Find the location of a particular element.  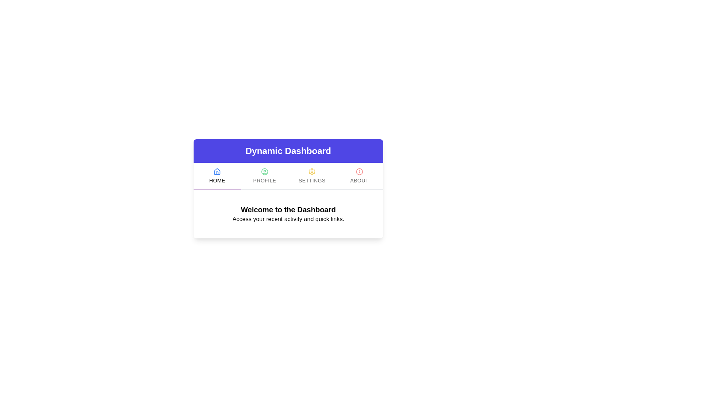

the informational text label located directly below 'Welcome to the Dashboard', which provides context about accessing activity and quick links is located at coordinates (288, 219).